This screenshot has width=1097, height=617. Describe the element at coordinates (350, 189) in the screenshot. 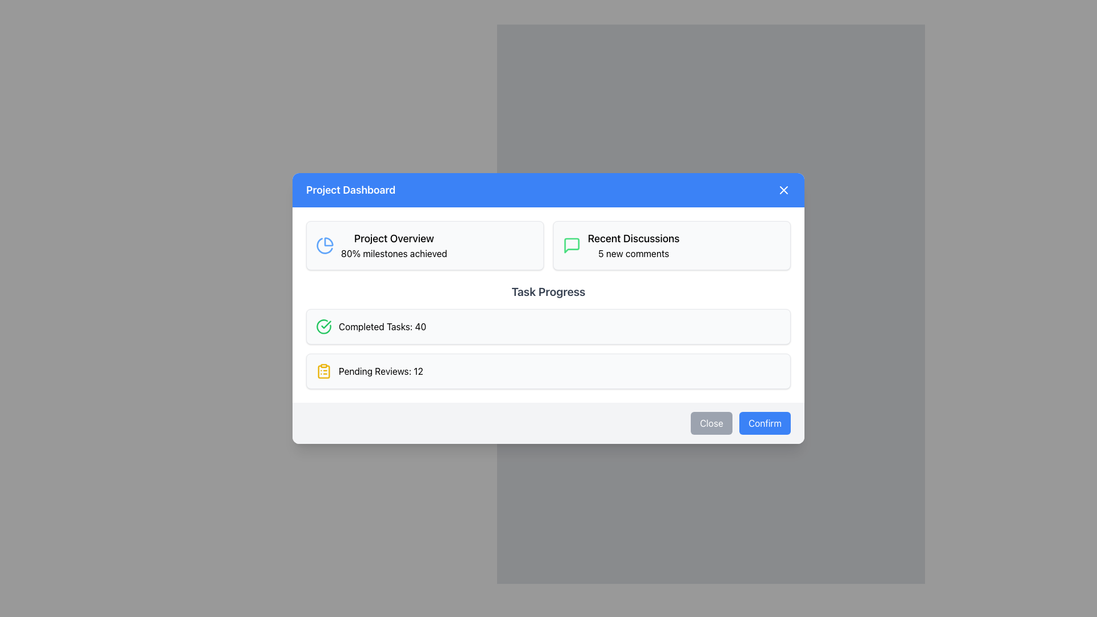

I see `the text label located at the top-left corner of the blue header bar in the modal` at that location.